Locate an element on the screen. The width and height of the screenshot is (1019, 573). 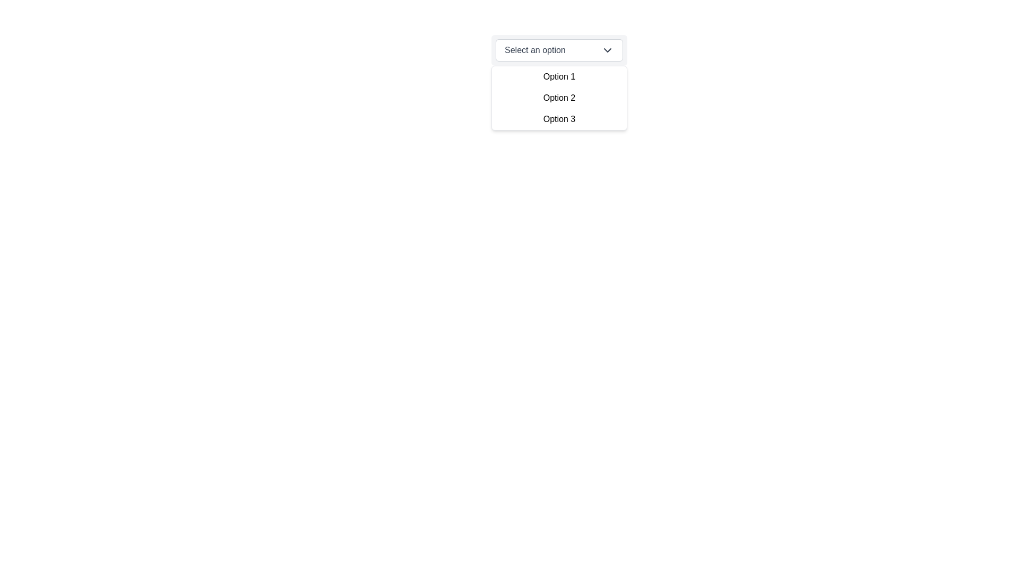
the 'Option 2' dropdown item is located at coordinates (559, 98).